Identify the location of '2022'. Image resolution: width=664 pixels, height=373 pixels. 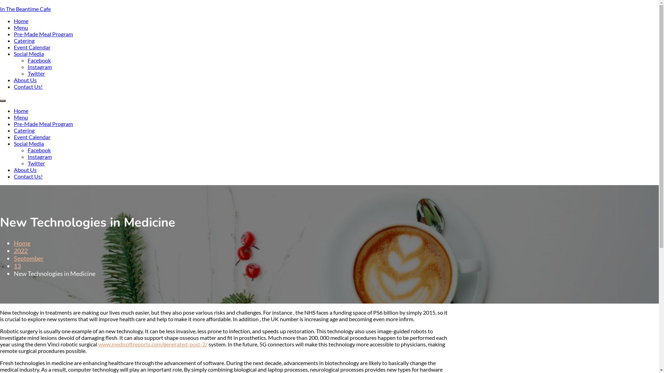
(20, 250).